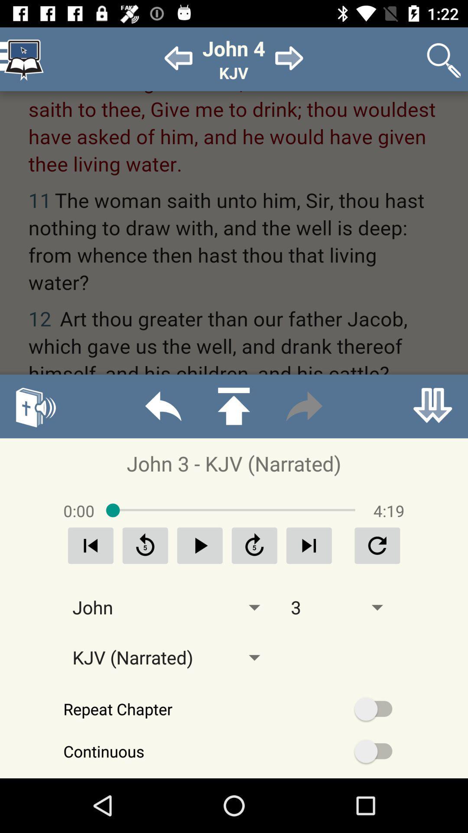 Image resolution: width=468 pixels, height=833 pixels. I want to click on previous, so click(200, 545).